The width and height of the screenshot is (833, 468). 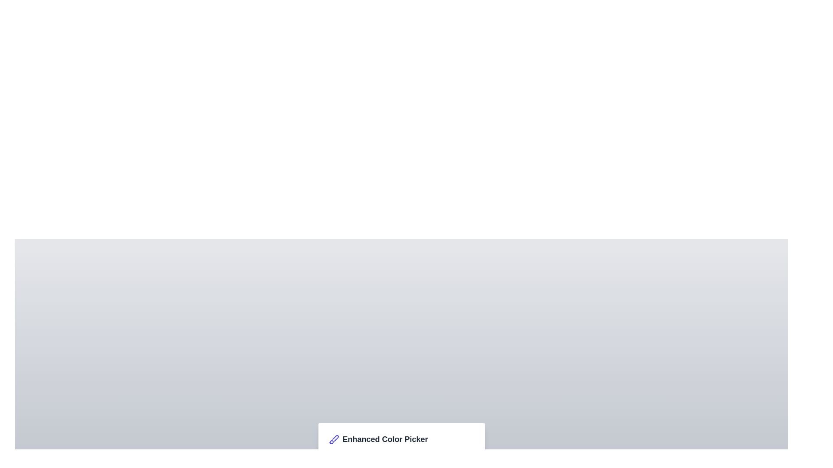 I want to click on the brush tool icon located to the left of the 'Enhanced Color Picker' text, so click(x=333, y=439).